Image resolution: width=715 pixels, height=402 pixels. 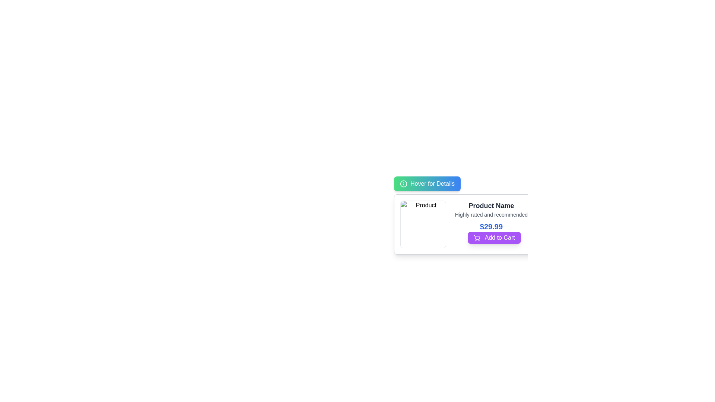 I want to click on the interactive button of the composite element that displays the price and allows users to add the product to the shopping cart, located below the product name and description, so click(x=491, y=232).